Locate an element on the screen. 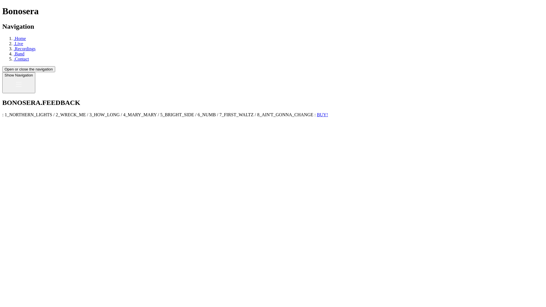 Image resolution: width=546 pixels, height=307 pixels. 'Show Navigation' is located at coordinates (19, 82).